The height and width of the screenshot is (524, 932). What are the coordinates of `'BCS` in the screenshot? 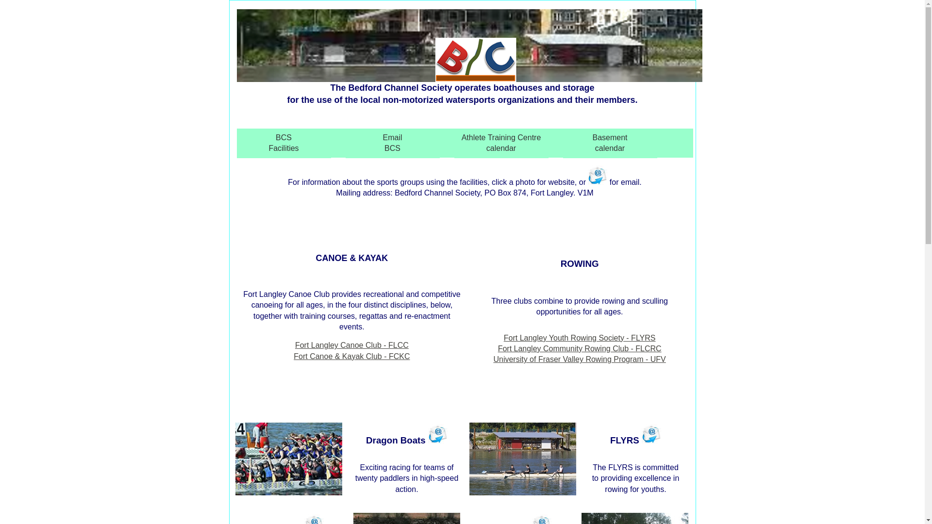 It's located at (283, 143).